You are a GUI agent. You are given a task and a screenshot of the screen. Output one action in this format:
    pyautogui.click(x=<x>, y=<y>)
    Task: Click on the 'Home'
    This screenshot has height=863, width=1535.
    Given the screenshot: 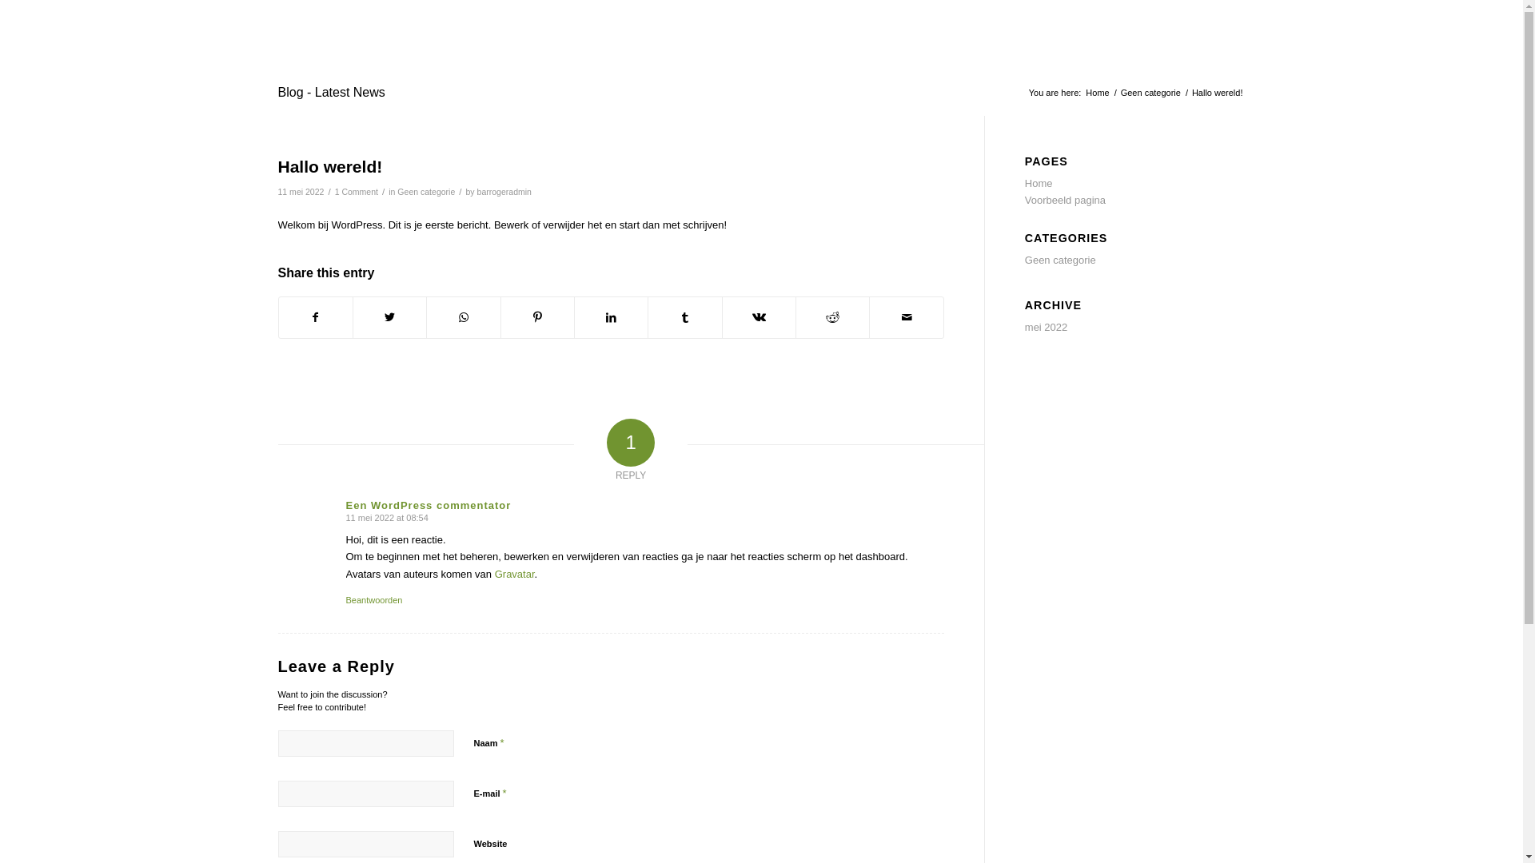 What is the action you would take?
    pyautogui.click(x=1039, y=182)
    